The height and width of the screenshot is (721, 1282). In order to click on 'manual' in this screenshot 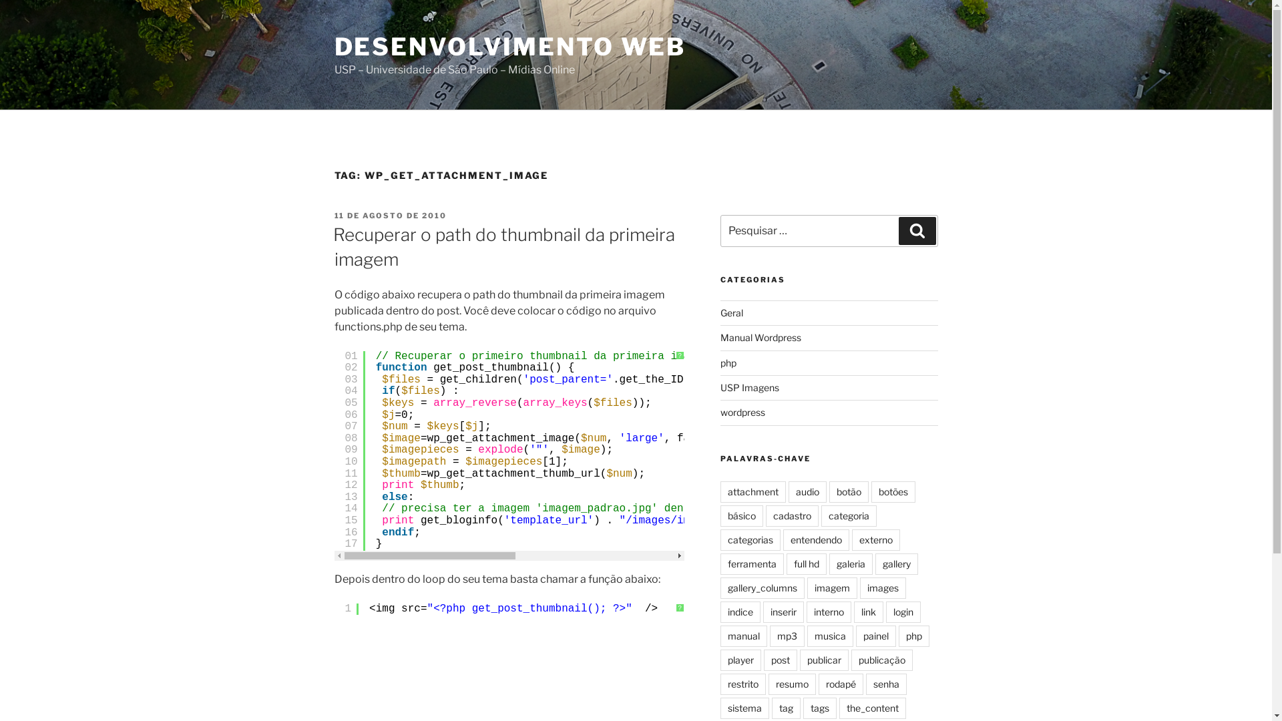, I will do `click(742, 635)`.